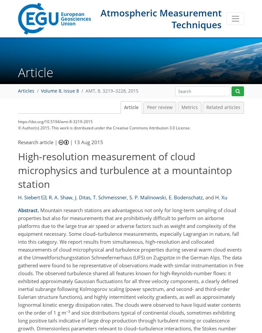 The height and width of the screenshot is (333, 262). Describe the element at coordinates (18, 127) in the screenshot. I see `'© Author(s) 2015. This work is distributed under'` at that location.